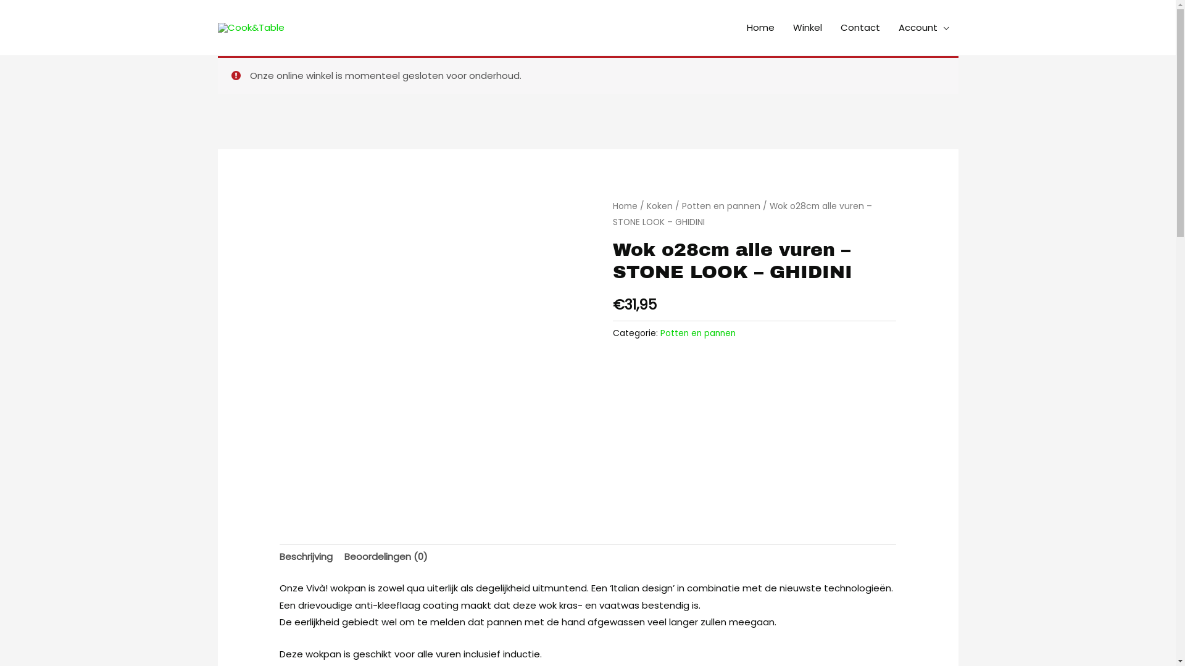 The width and height of the screenshot is (1185, 666). Describe the element at coordinates (625, 205) in the screenshot. I see `'Home'` at that location.